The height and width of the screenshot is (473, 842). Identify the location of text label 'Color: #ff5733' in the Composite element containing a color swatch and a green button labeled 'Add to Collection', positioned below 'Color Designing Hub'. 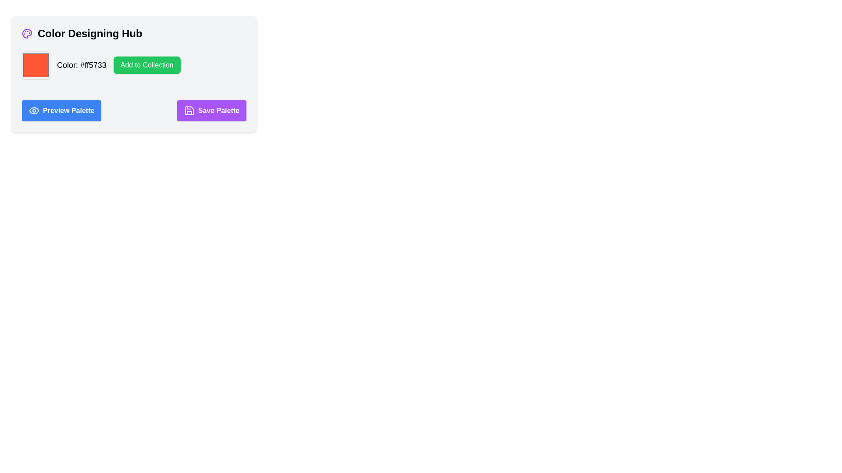
(134, 65).